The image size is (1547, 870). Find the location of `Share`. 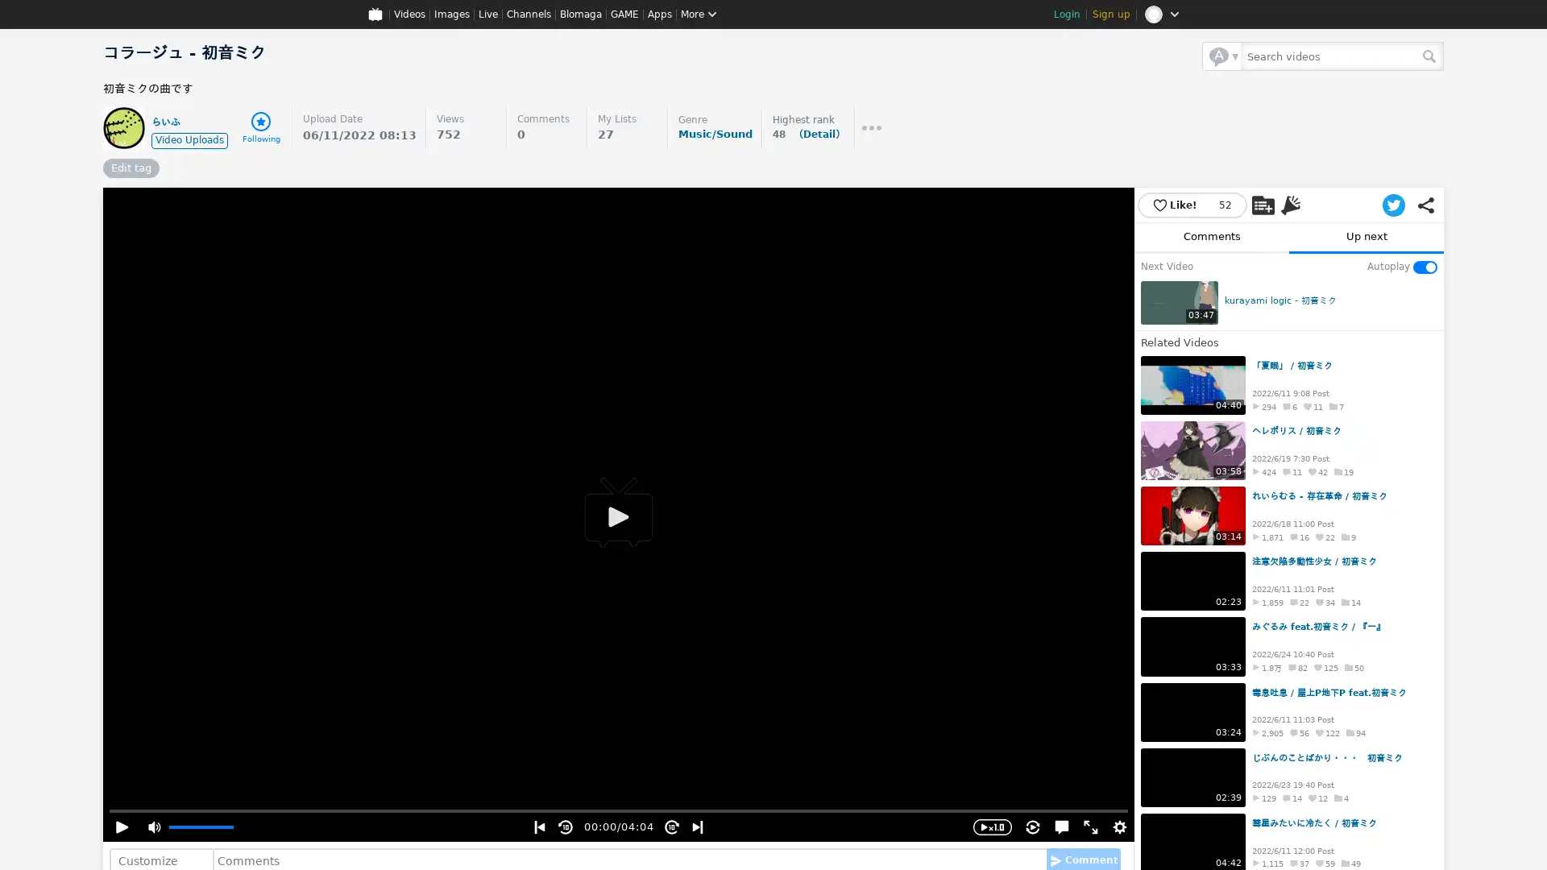

Share is located at coordinates (1426, 204).